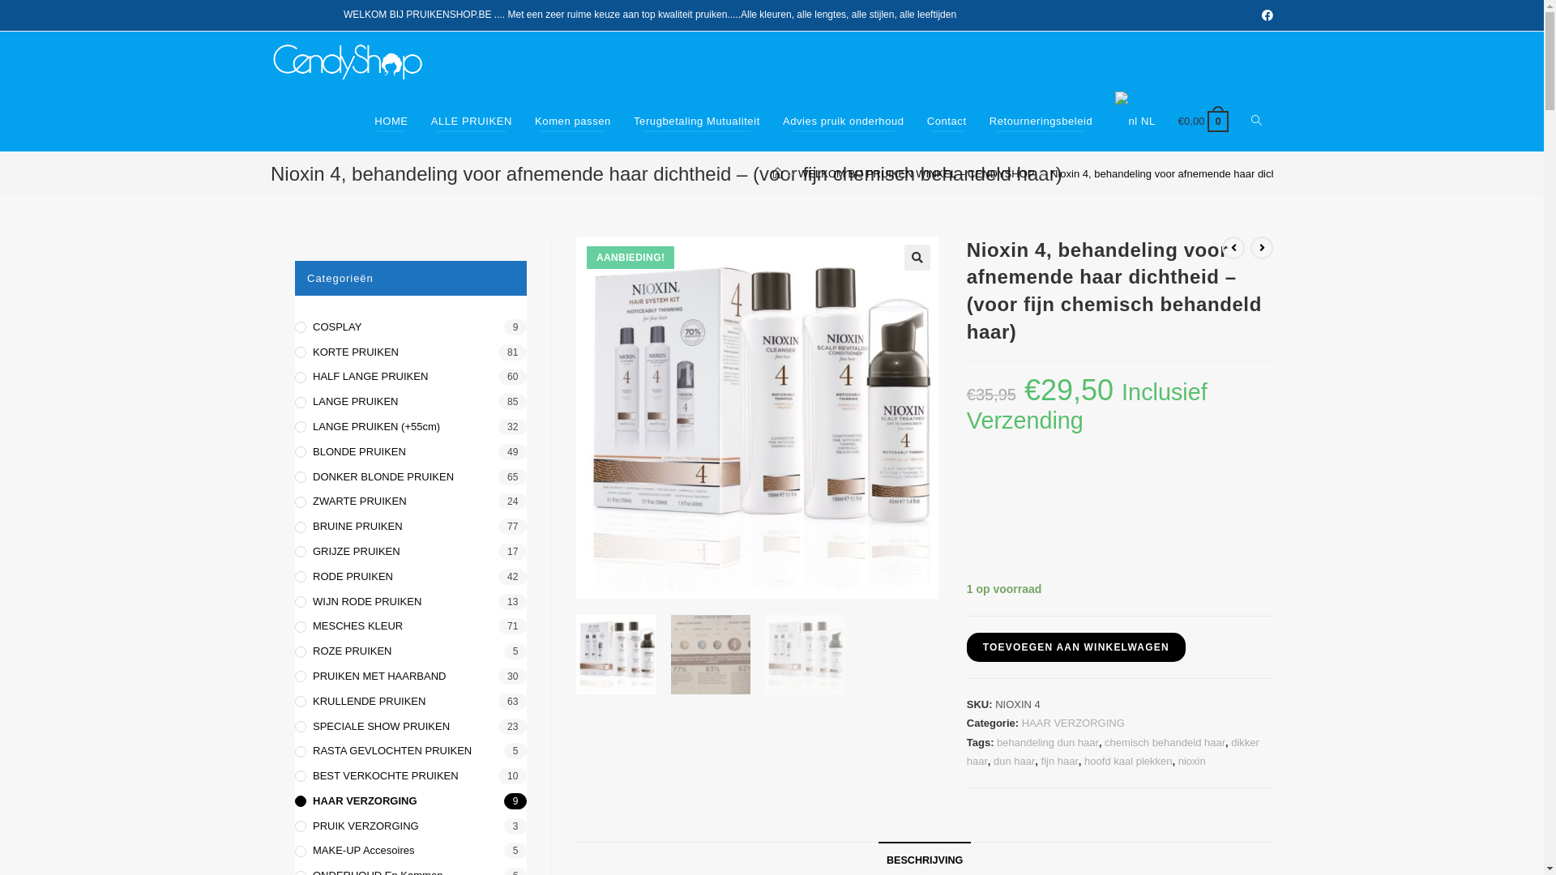 Image resolution: width=1556 pixels, height=875 pixels. Describe the element at coordinates (411, 725) in the screenshot. I see `'SPECIALE SHOW PRUIKEN'` at that location.